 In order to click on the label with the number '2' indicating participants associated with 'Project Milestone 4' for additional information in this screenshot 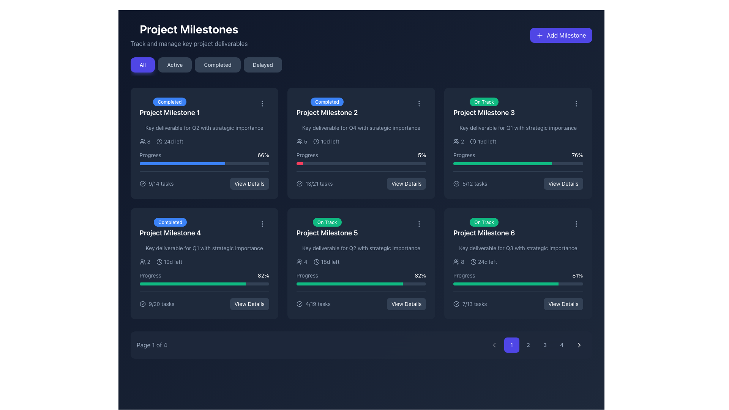, I will do `click(145, 262)`.